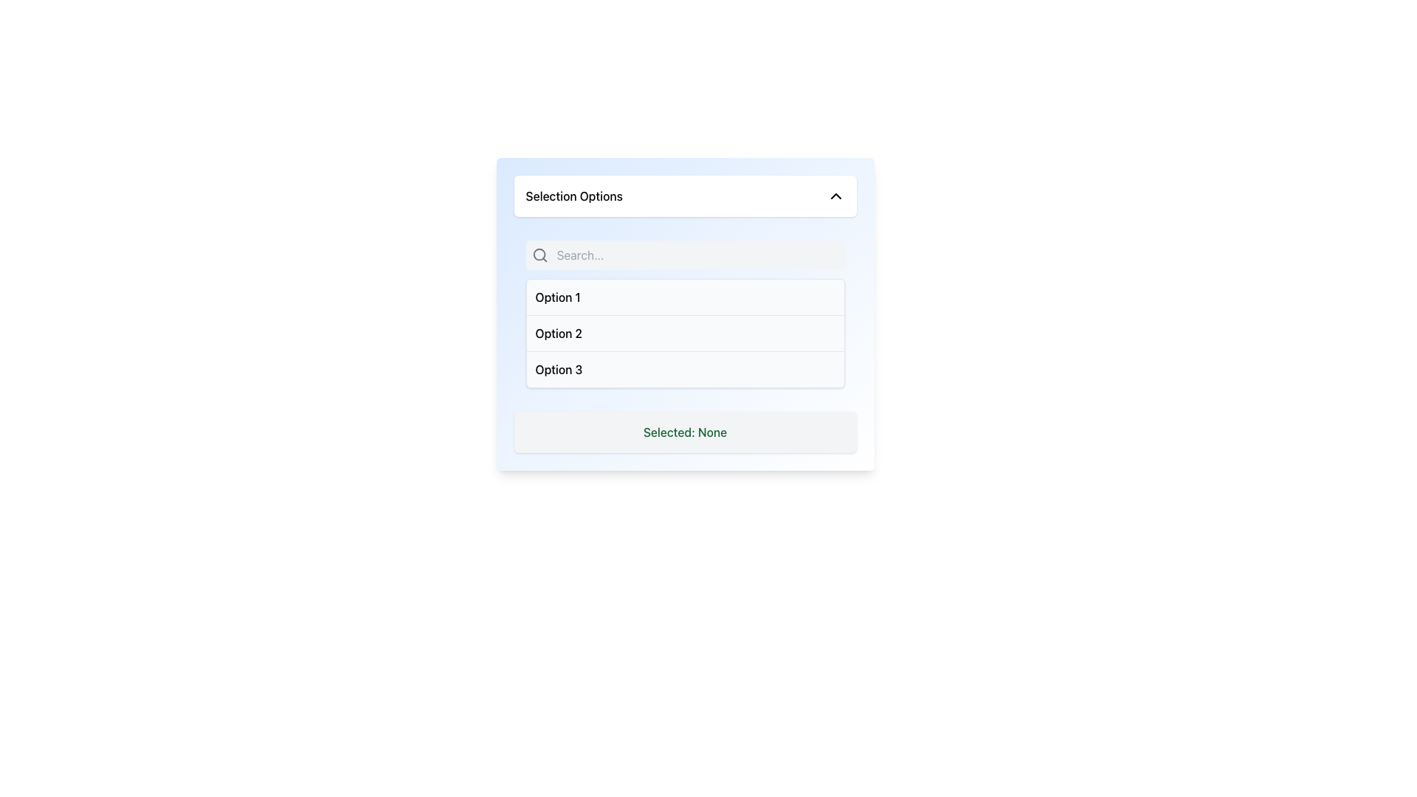 The height and width of the screenshot is (797, 1417). Describe the element at coordinates (684, 297) in the screenshot. I see `the first selectable option 'Option 1' in the dropdown menu` at that location.